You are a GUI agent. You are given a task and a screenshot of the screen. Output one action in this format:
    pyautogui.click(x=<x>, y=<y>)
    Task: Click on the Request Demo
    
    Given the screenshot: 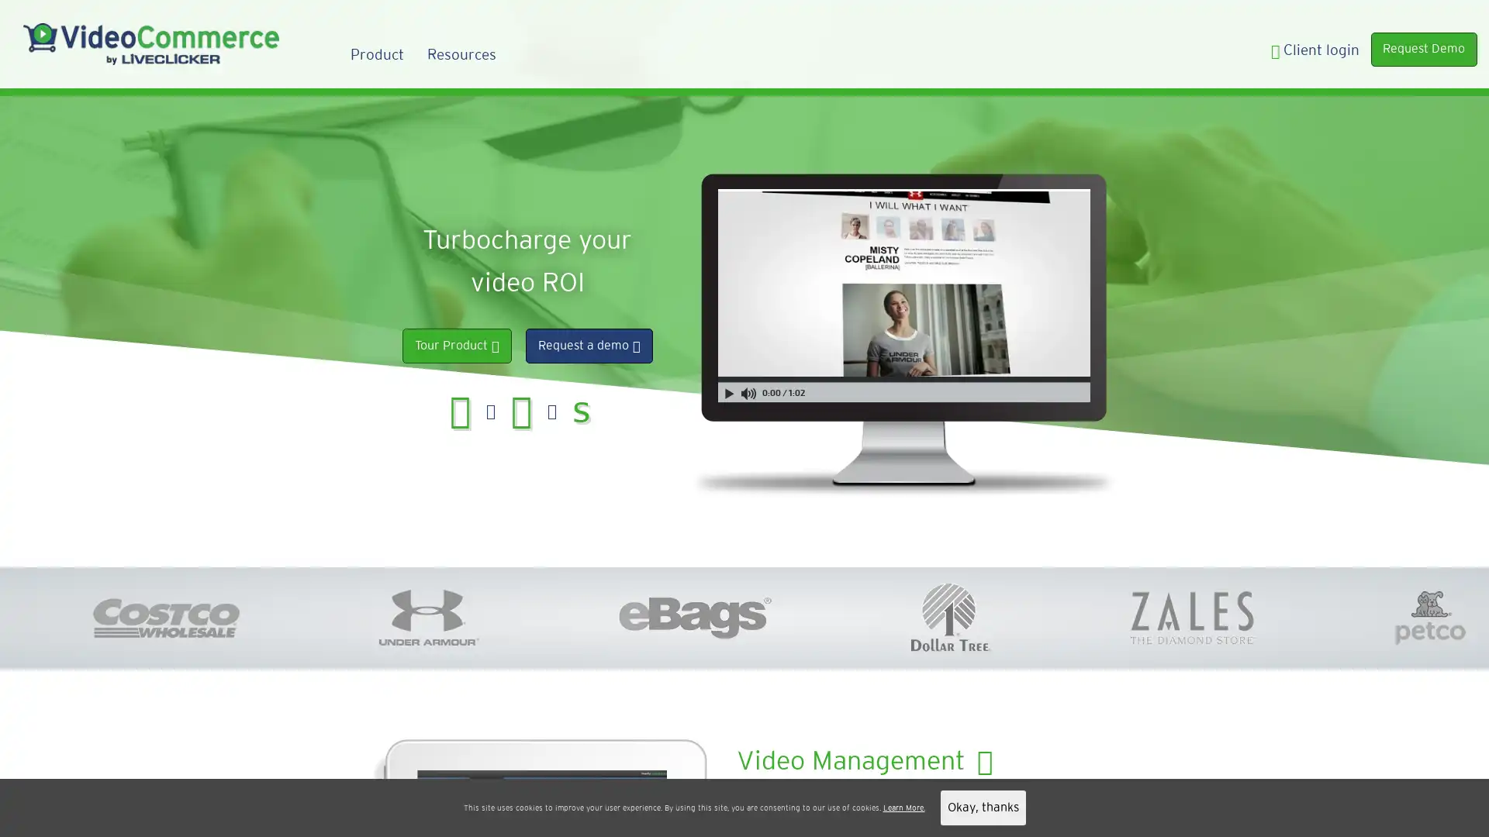 What is the action you would take?
    pyautogui.click(x=1424, y=48)
    